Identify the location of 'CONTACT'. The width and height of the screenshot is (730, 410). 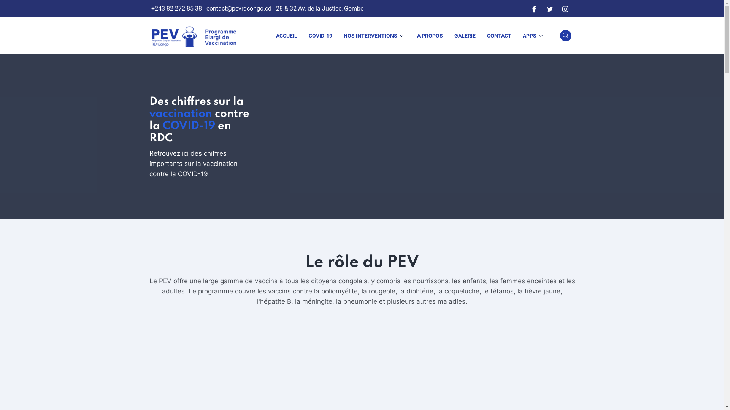
(481, 35).